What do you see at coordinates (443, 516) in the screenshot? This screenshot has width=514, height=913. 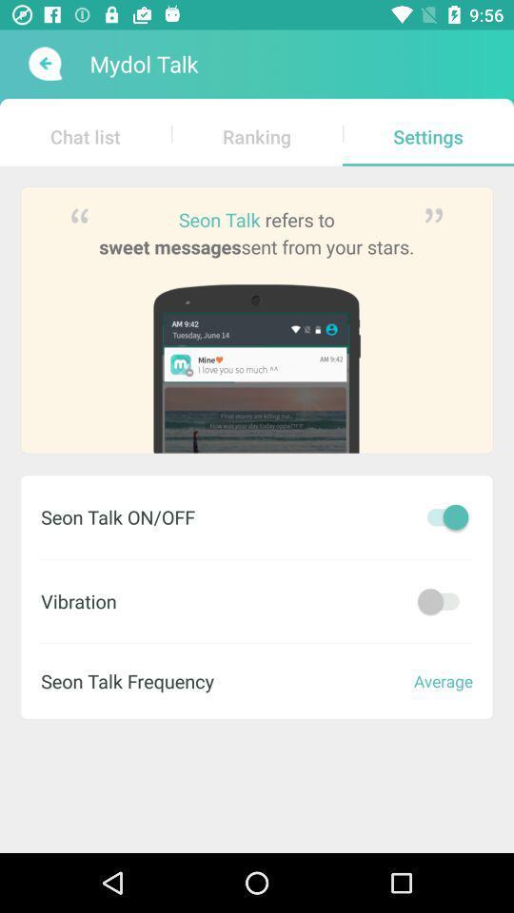 I see `seon talk option` at bounding box center [443, 516].